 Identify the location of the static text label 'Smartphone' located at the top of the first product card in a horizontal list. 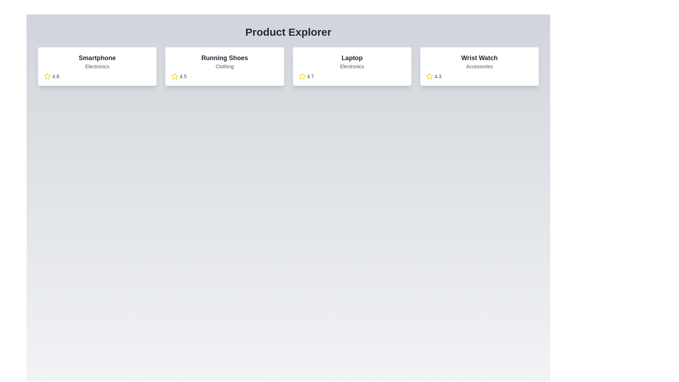
(97, 58).